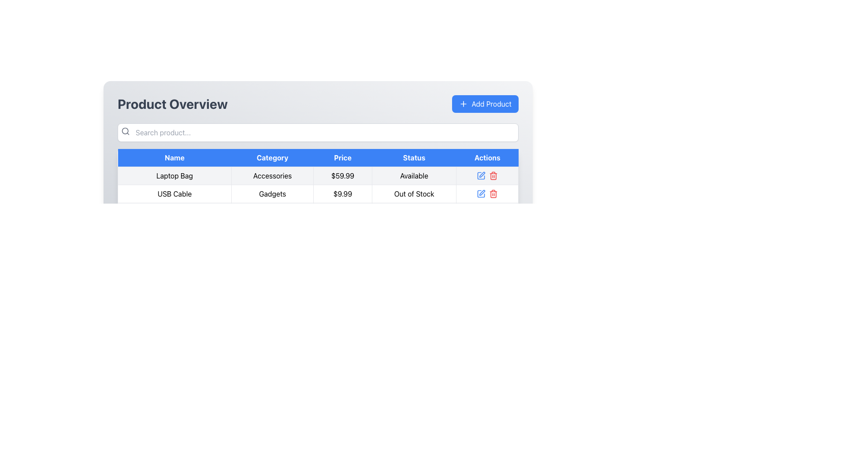 Image resolution: width=846 pixels, height=476 pixels. Describe the element at coordinates (174, 157) in the screenshot. I see `text content of the first column header in the table, which signifies the name attribute of the items listed below` at that location.